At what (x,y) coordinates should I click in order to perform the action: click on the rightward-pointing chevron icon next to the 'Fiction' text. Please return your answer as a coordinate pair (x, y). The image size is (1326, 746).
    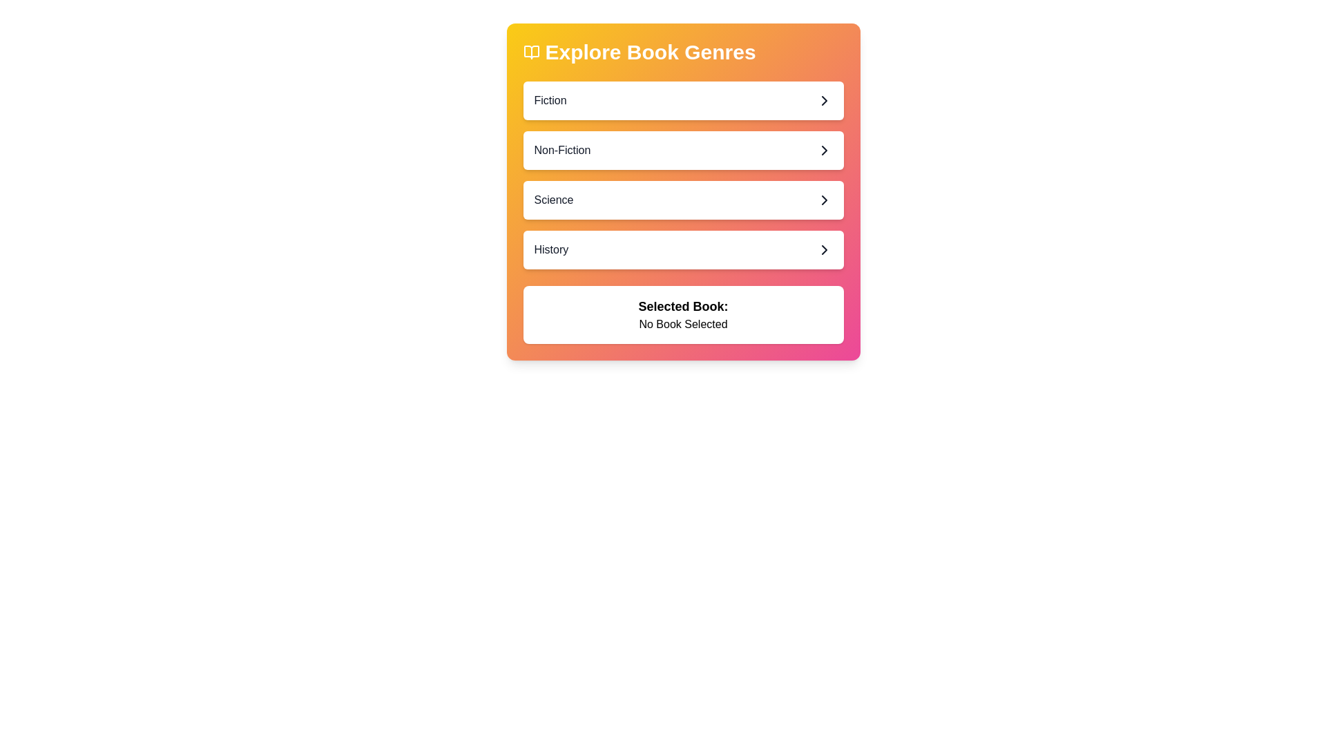
    Looking at the image, I should click on (824, 100).